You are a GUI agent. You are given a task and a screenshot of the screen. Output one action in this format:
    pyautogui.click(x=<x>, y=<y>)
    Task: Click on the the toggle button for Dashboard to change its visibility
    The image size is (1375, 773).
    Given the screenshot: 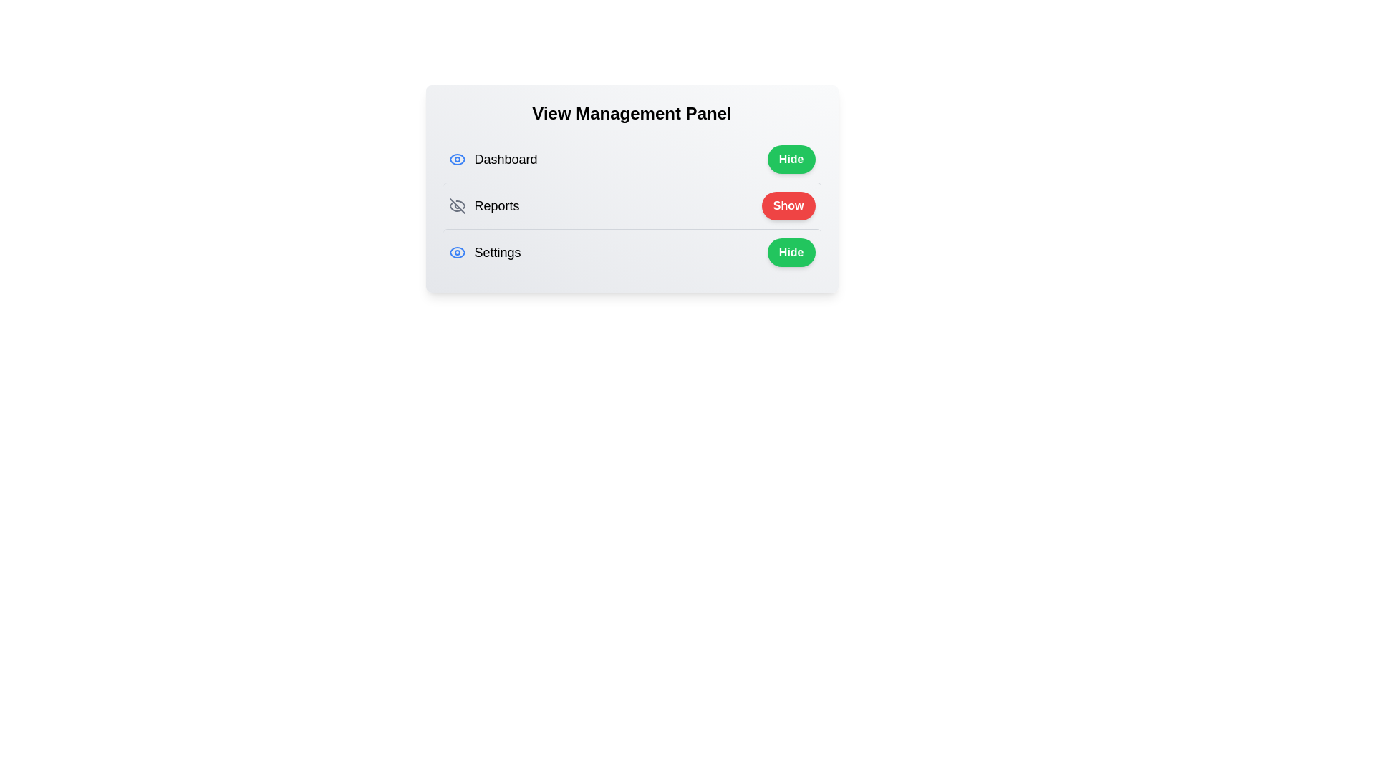 What is the action you would take?
    pyautogui.click(x=791, y=160)
    